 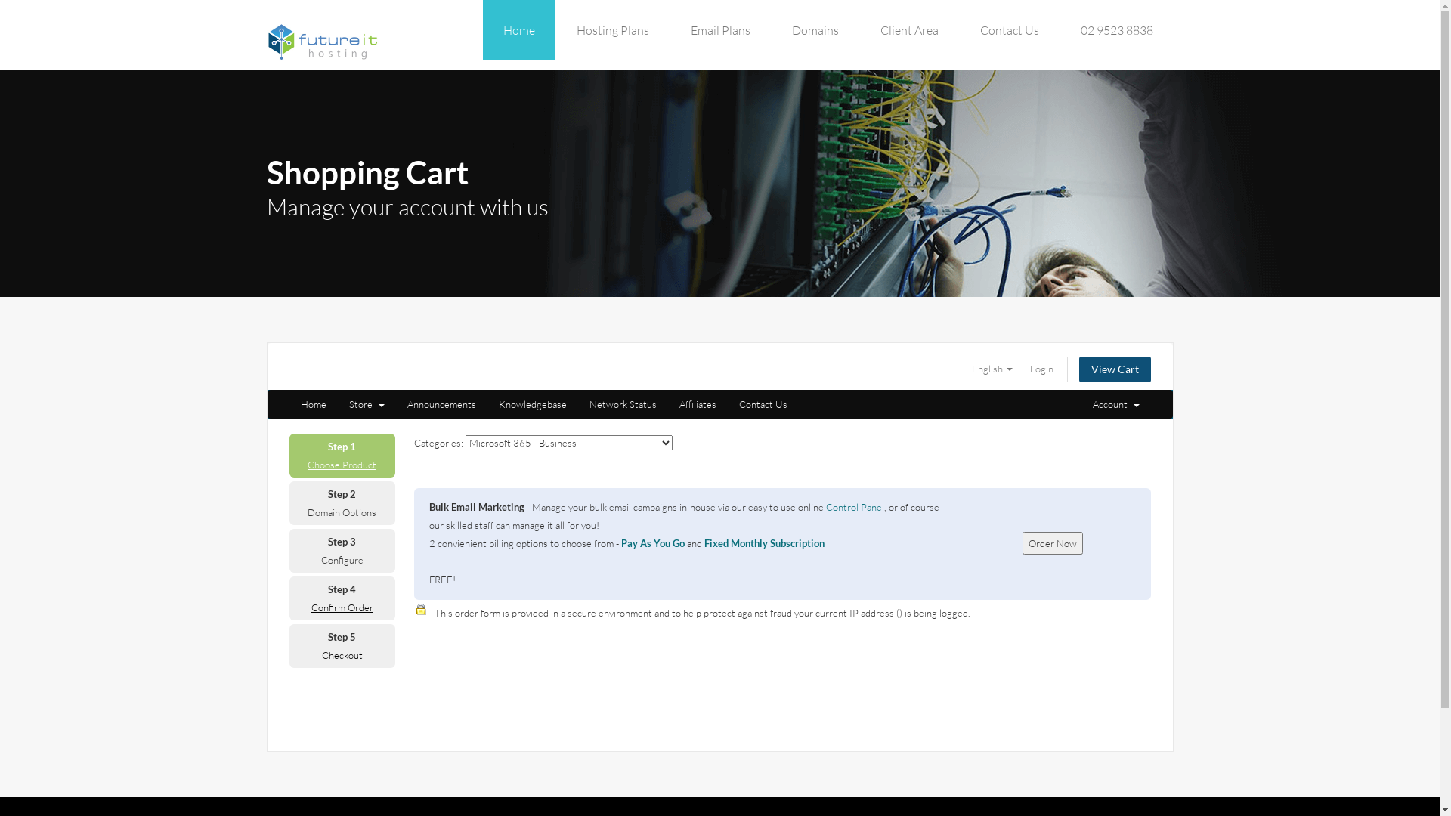 What do you see at coordinates (1115, 403) in the screenshot?
I see `'Account  '` at bounding box center [1115, 403].